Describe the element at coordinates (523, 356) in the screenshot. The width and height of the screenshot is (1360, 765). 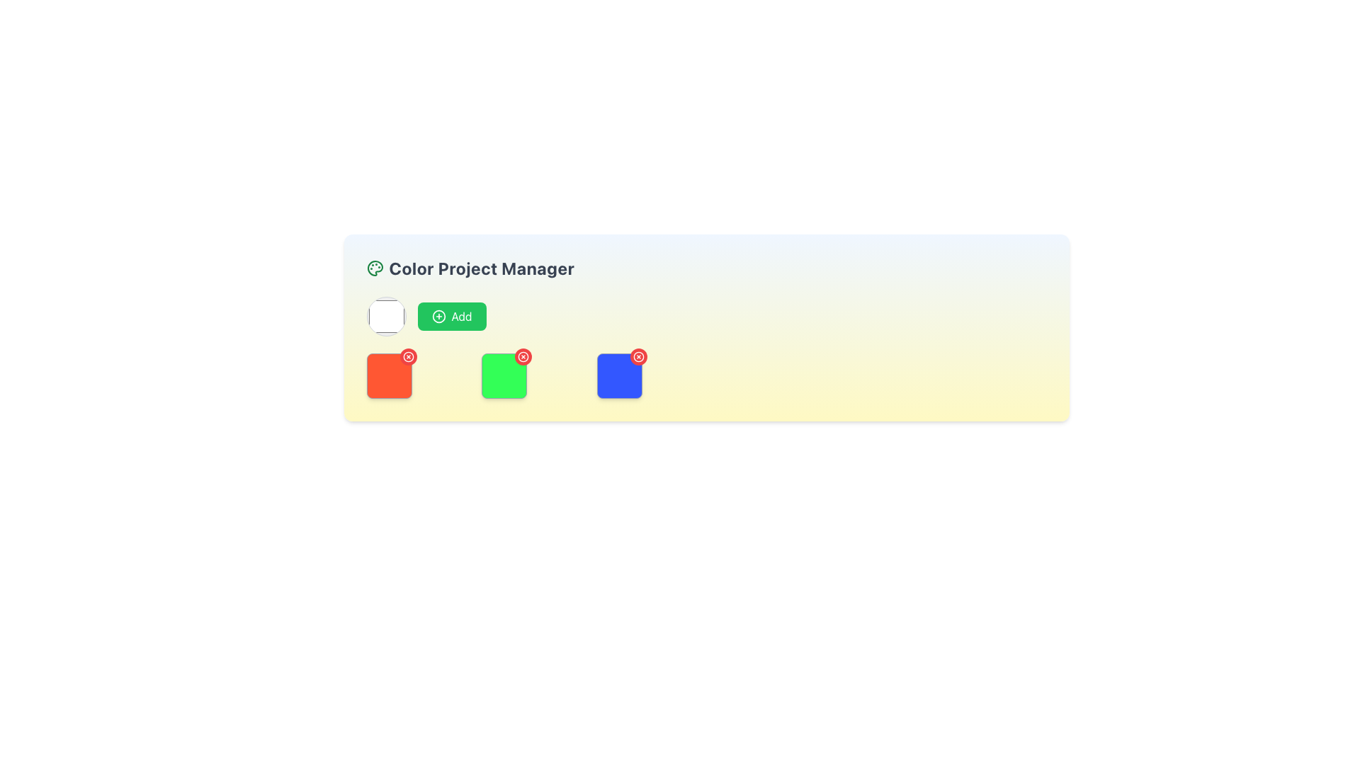
I see `the circular red button with a white cross icon located in the top-right corner of the green square element` at that location.